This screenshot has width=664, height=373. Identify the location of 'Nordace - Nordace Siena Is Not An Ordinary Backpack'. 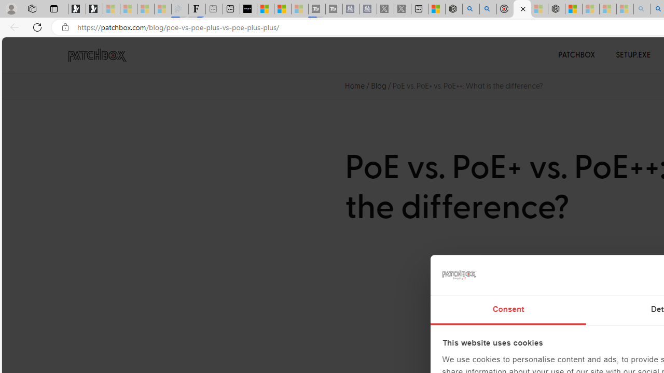
(556, 9).